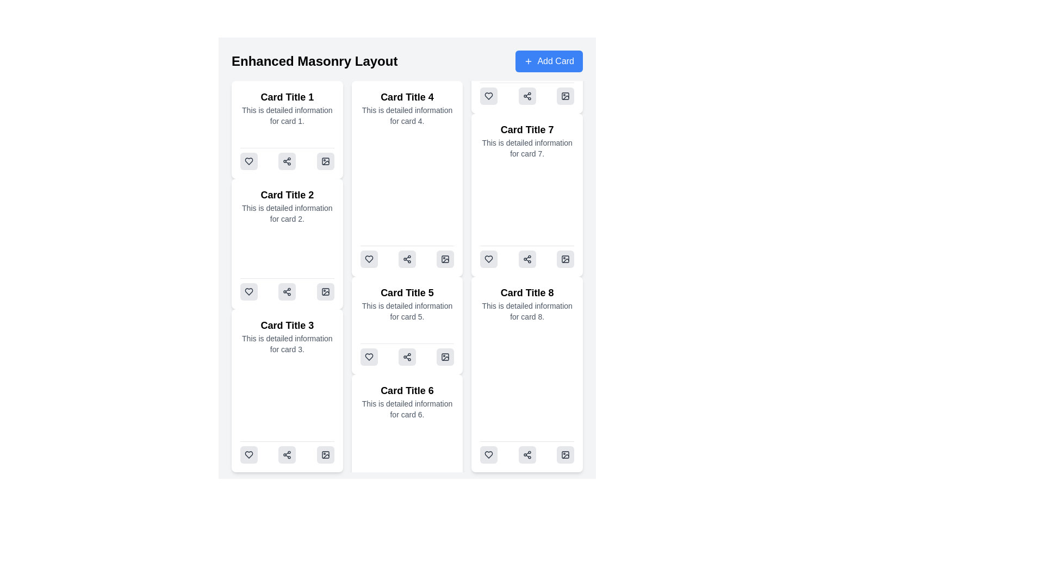 The height and width of the screenshot is (587, 1044). What do you see at coordinates (406, 292) in the screenshot?
I see `the title text of the card located in the second column of the masonry grid layout, specifically the second item from the top` at bounding box center [406, 292].